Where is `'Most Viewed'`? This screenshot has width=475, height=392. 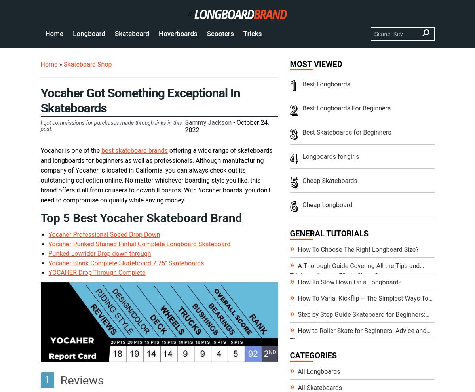
'Most Viewed' is located at coordinates (315, 64).